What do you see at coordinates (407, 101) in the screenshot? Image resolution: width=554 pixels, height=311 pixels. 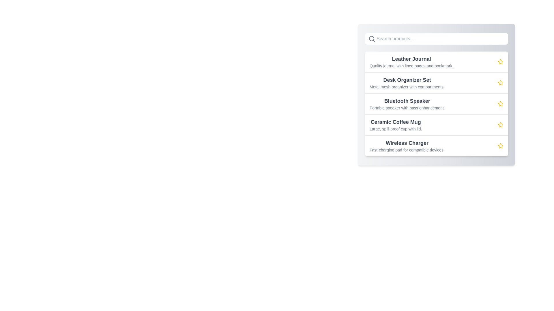 I see `the text label that reads 'Bluetooth Speaker'` at bounding box center [407, 101].